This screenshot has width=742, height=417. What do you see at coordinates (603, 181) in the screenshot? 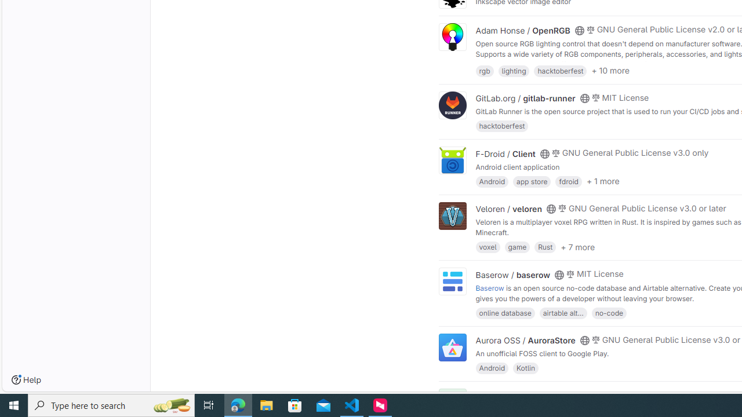
I see `'+ 1 more'` at bounding box center [603, 181].